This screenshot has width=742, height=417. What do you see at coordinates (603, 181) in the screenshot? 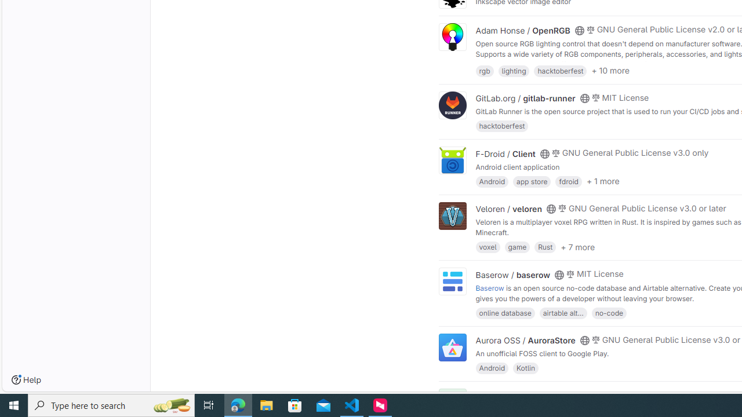
I see `'+ 1 more'` at bounding box center [603, 181].